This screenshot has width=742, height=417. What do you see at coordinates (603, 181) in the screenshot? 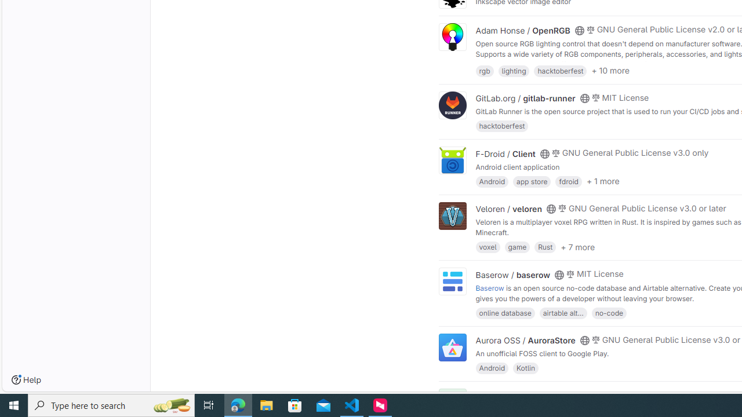
I see `'+ 1 more'` at bounding box center [603, 181].